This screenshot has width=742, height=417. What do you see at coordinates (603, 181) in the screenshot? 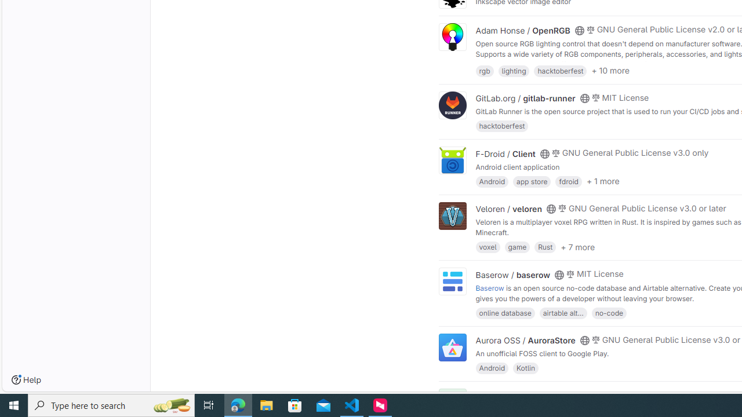
I see `'+ 1 more'` at bounding box center [603, 181].